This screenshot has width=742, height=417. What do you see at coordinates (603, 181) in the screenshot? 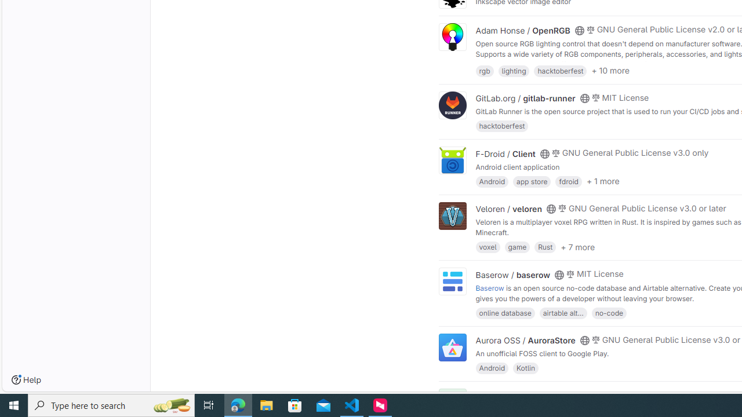
I see `'+ 1 more'` at bounding box center [603, 181].